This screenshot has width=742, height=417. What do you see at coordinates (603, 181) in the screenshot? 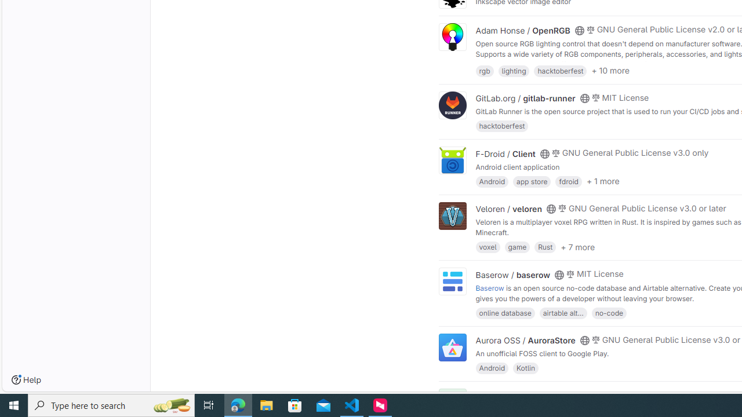
I see `'+ 1 more'` at bounding box center [603, 181].